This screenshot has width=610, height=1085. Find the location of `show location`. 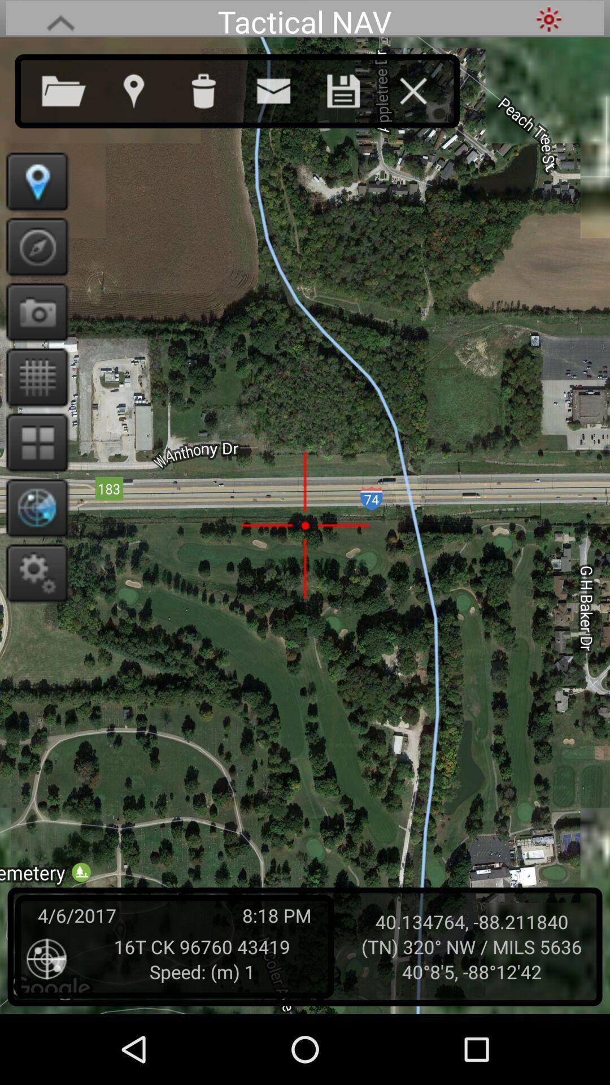

show location is located at coordinates (33, 181).